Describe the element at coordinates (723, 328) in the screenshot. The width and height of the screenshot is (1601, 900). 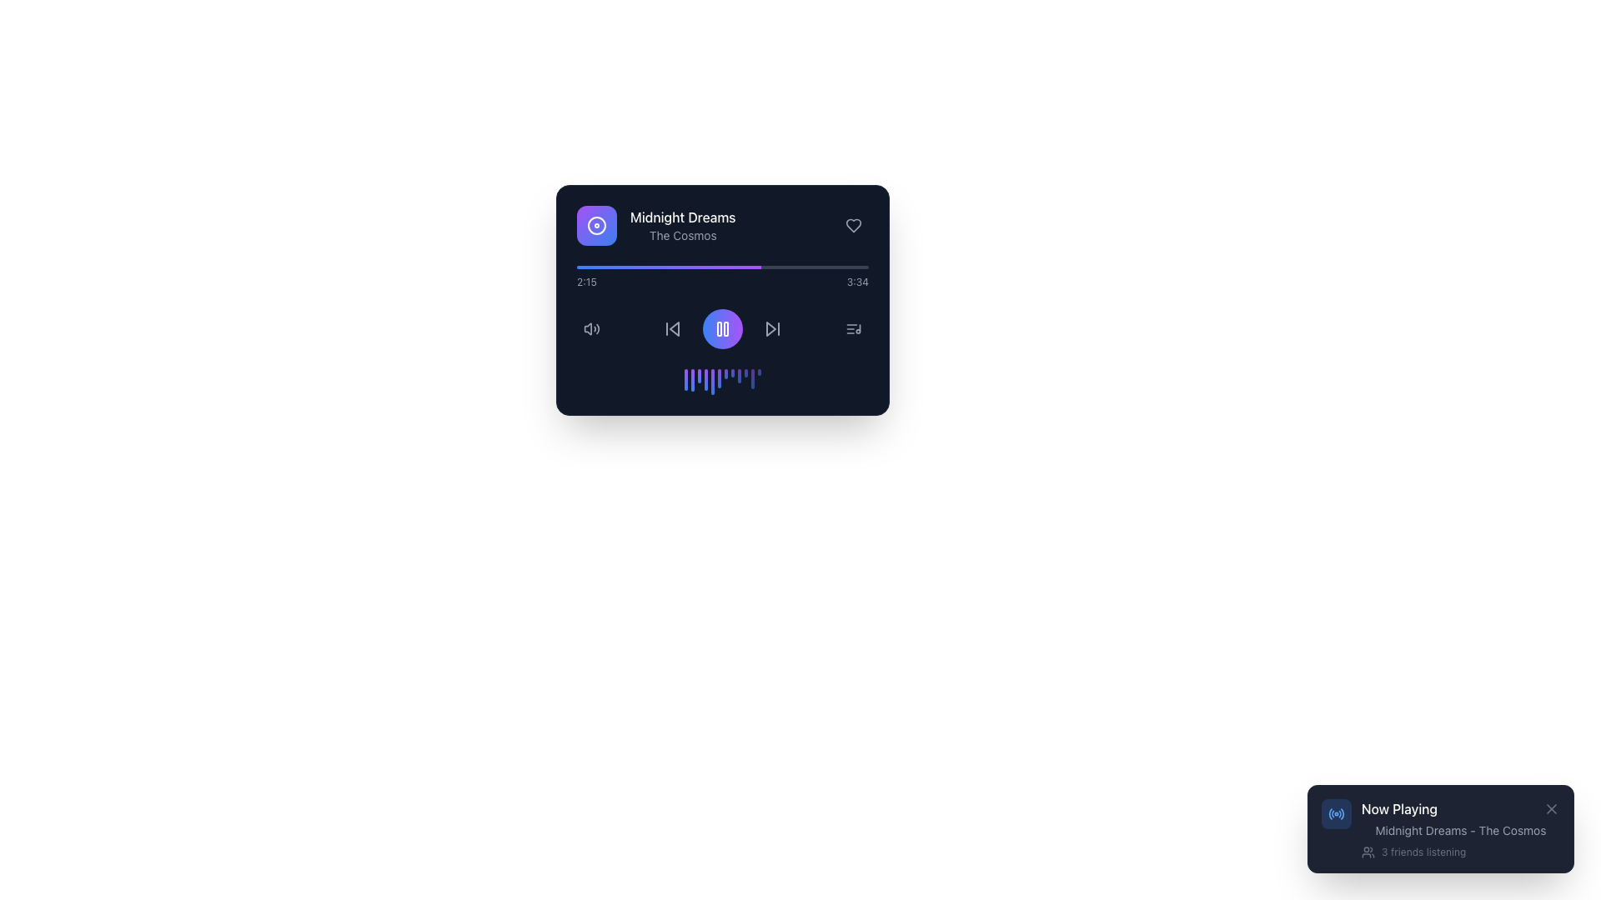
I see `the circular button with a gradient background transitioning from blue to purple, featuring a white pause icon at its center` at that location.